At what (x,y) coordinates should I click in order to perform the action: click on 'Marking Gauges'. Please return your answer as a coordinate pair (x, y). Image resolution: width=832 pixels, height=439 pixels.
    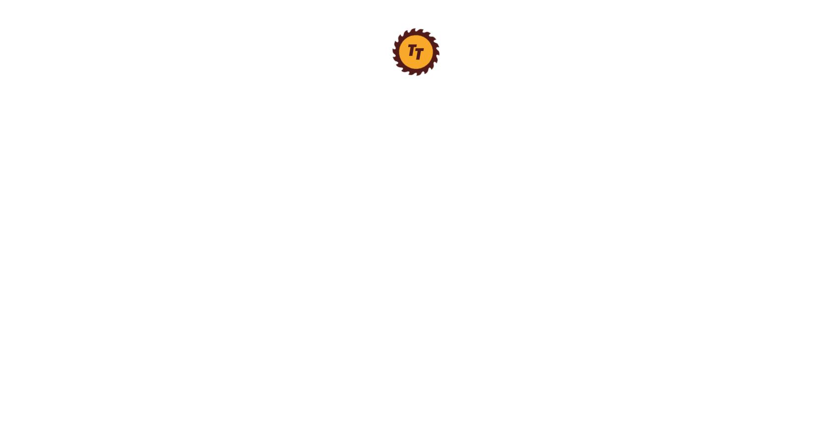
    Looking at the image, I should click on (89, 67).